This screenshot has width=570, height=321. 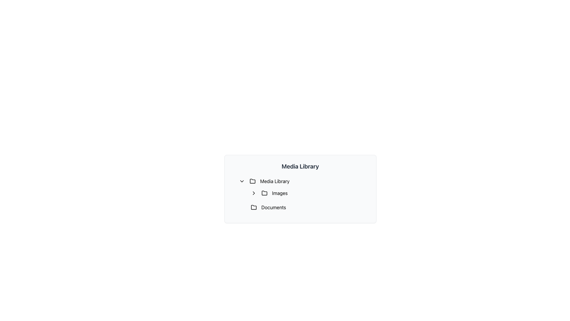 I want to click on the 'Documents' text label, which is positioned to the right of a folder icon in a hierarchical tree structure representing a file system, so click(x=273, y=207).